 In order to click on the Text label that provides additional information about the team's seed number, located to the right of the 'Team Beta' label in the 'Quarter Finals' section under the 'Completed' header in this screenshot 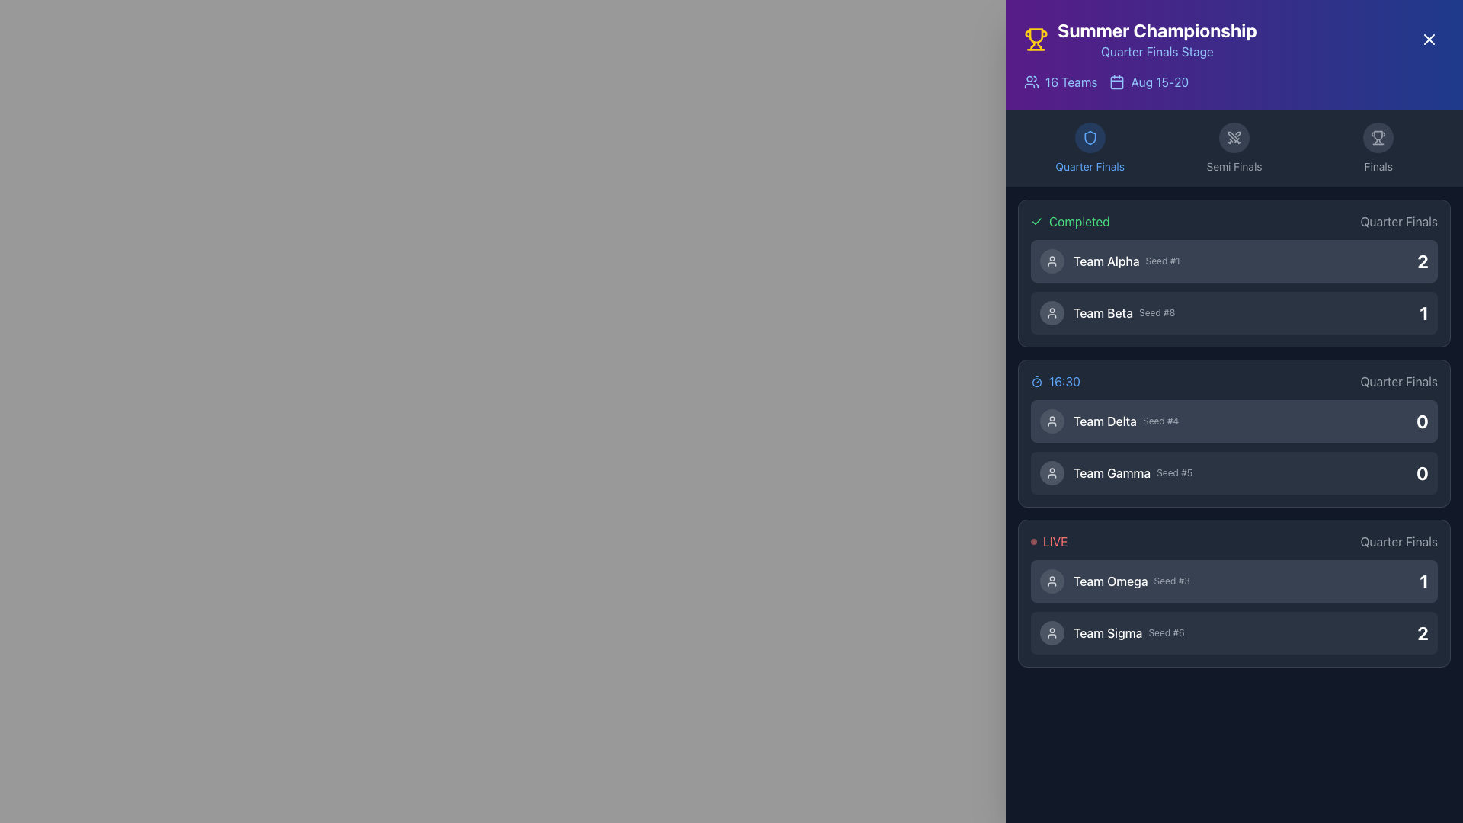, I will do `click(1157, 312)`.